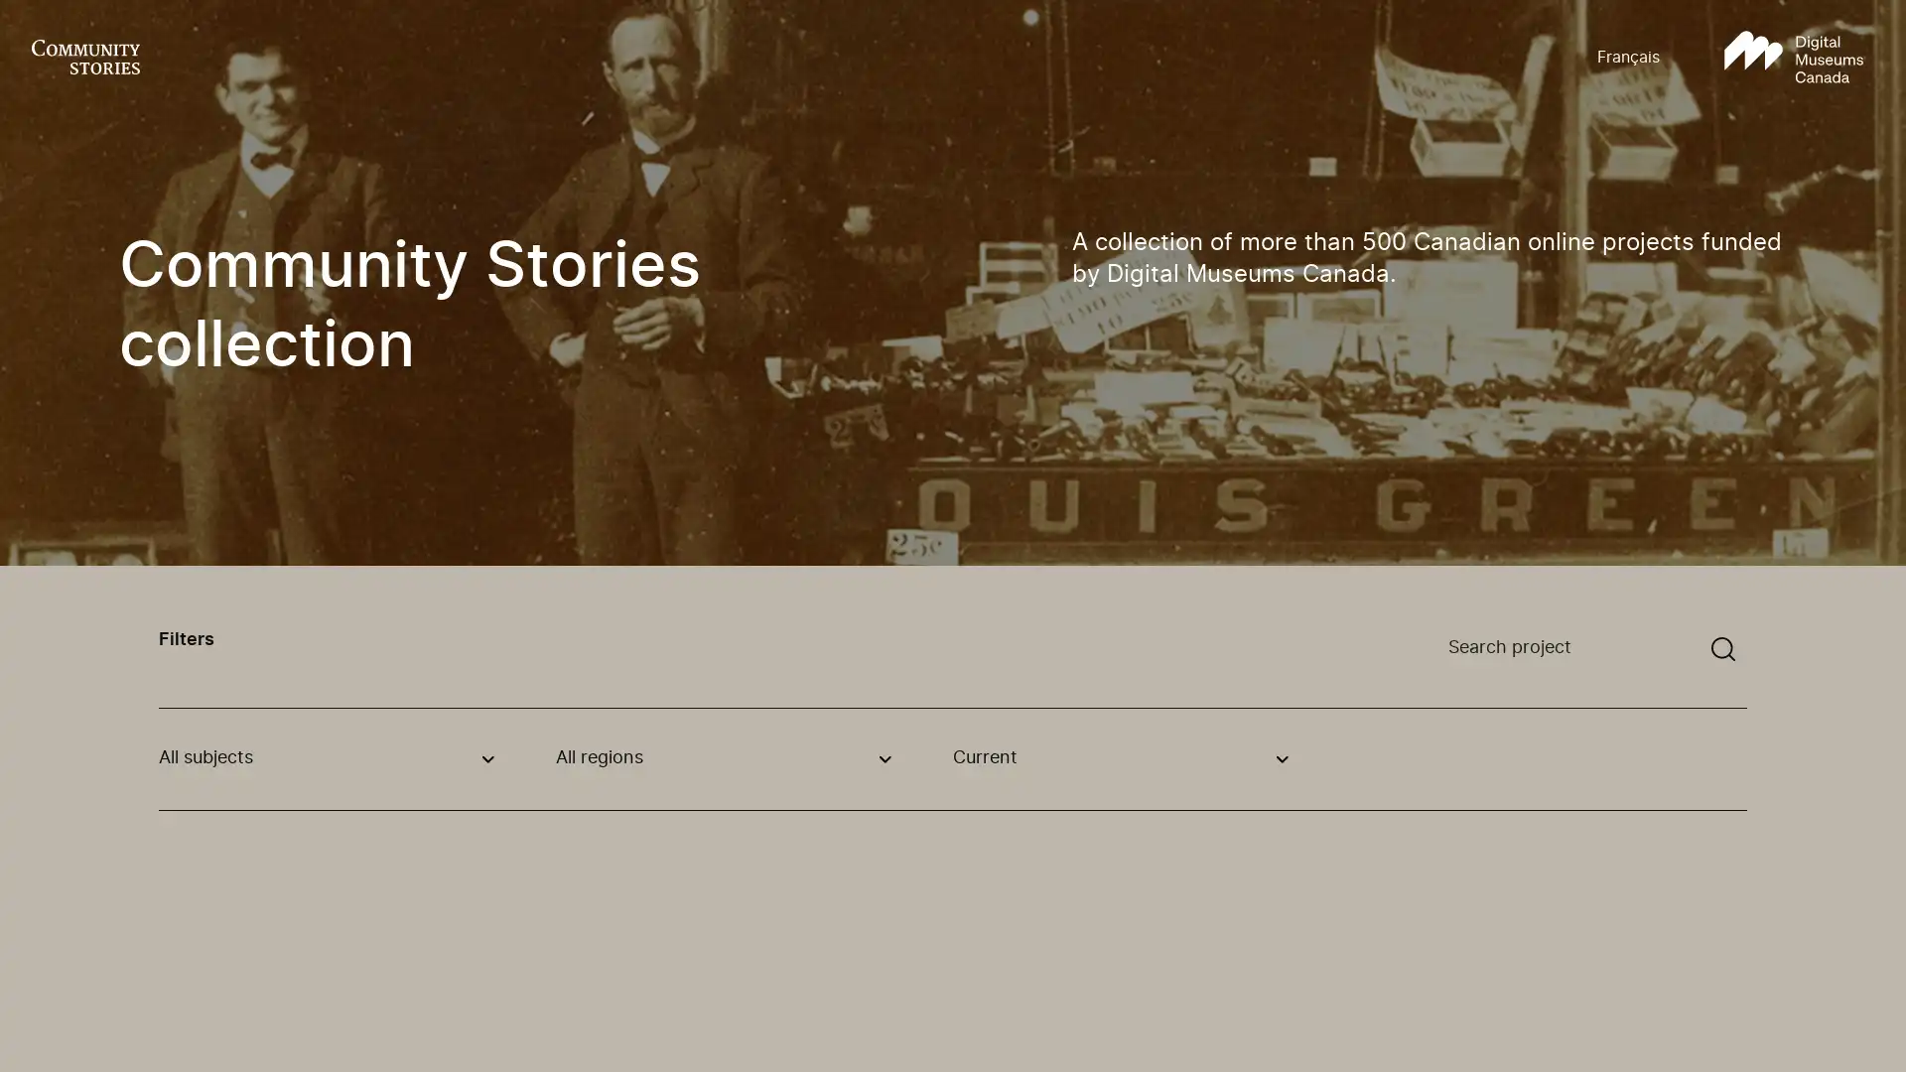  Describe the element at coordinates (1722, 649) in the screenshot. I see `Submit` at that location.